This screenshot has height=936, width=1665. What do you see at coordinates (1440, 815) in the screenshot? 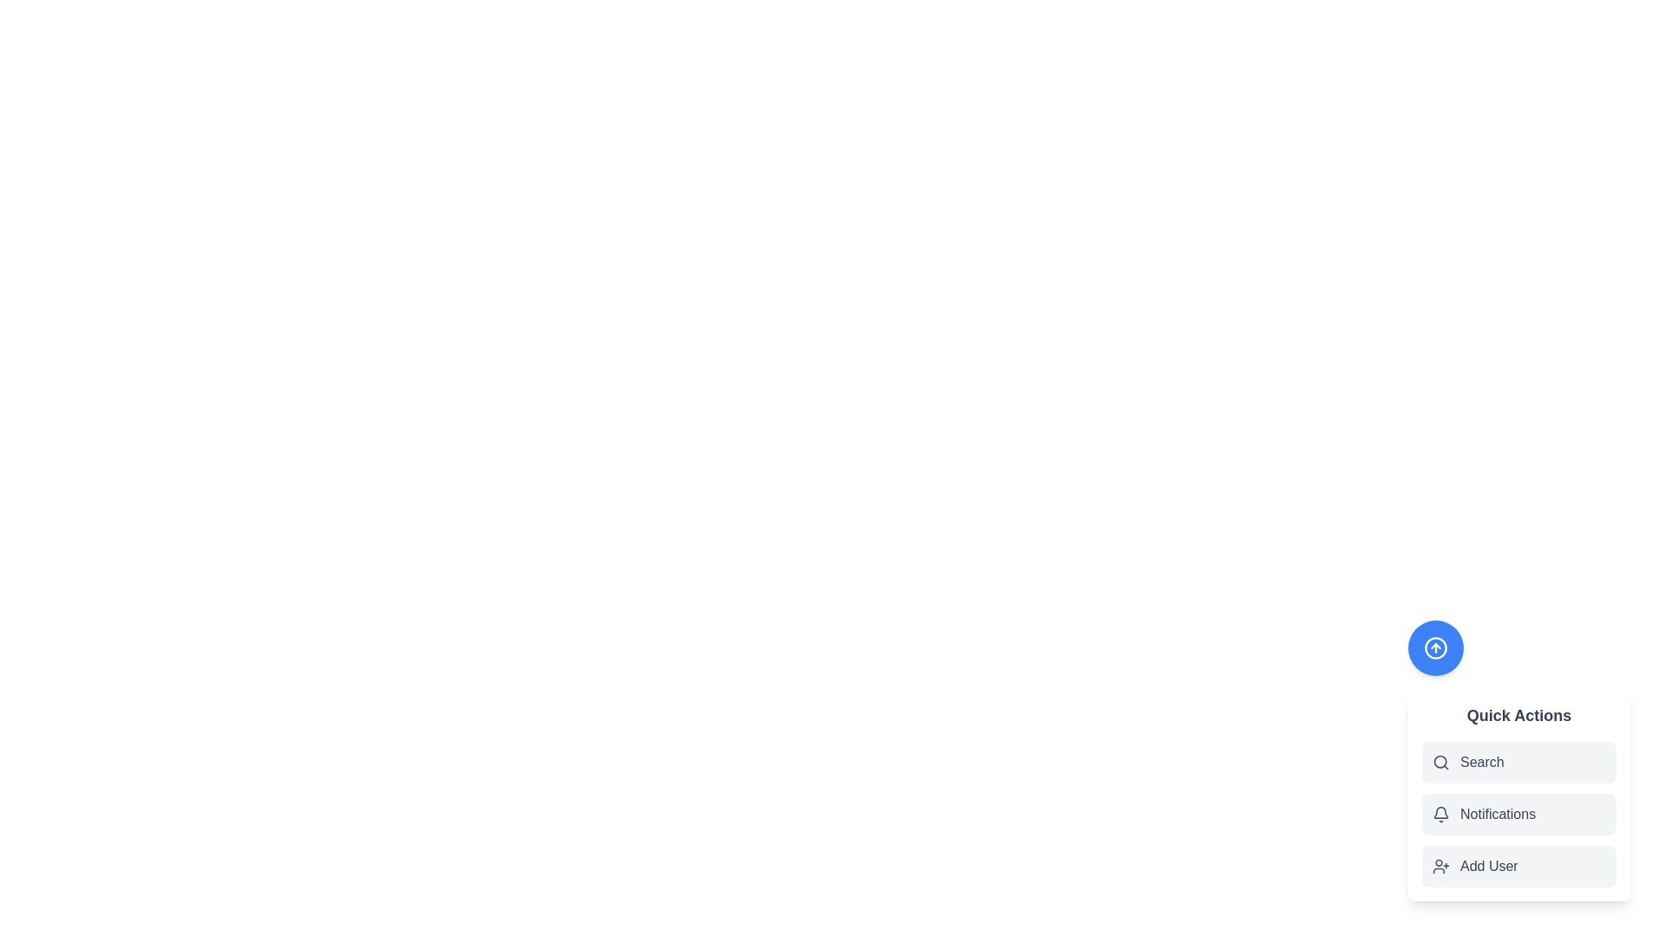
I see `the gray bell icon located to the left of the 'Notifications' text in the quick actions menu` at bounding box center [1440, 815].